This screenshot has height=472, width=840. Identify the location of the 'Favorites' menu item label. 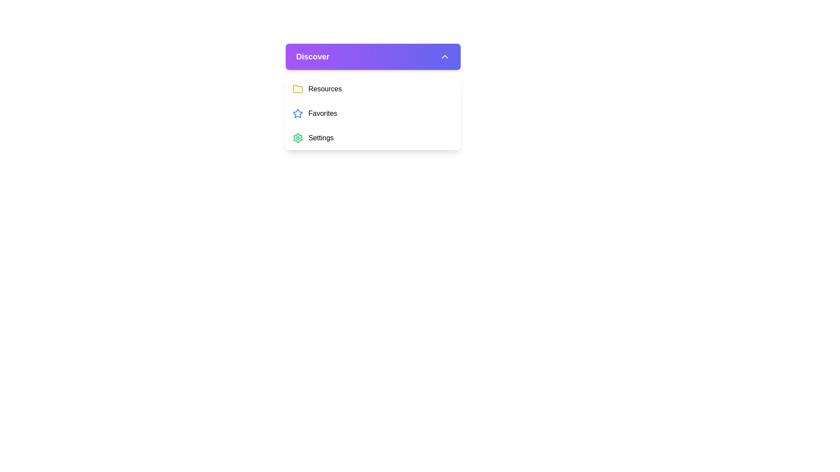
(322, 113).